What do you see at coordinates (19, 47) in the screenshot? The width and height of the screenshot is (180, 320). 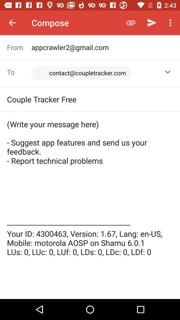 I see `from` at bounding box center [19, 47].